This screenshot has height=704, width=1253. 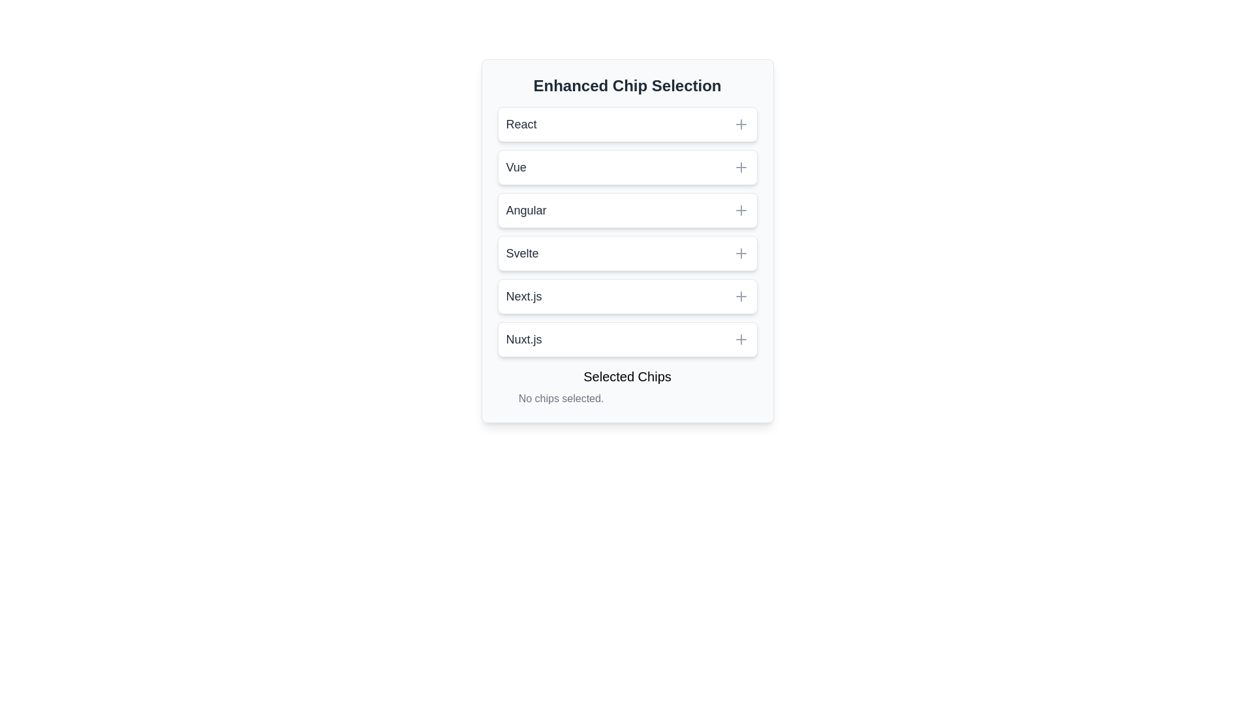 I want to click on the Icon button located to the right of the 'Vue' text in the second row of the vertically organized list, so click(x=741, y=167).